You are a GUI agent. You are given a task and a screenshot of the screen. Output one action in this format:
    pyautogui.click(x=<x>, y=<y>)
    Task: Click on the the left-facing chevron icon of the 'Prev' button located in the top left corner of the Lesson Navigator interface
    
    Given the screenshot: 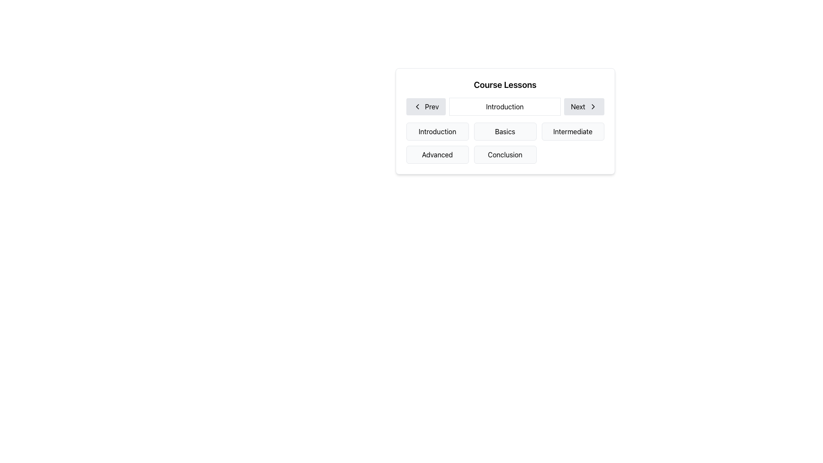 What is the action you would take?
    pyautogui.click(x=417, y=106)
    